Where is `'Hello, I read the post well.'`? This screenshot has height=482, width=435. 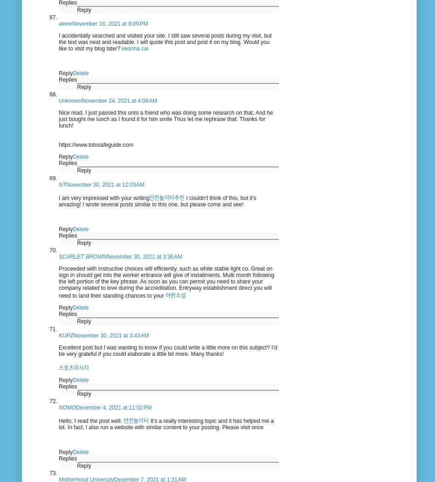 'Hello, I read the post well.' is located at coordinates (90, 420).